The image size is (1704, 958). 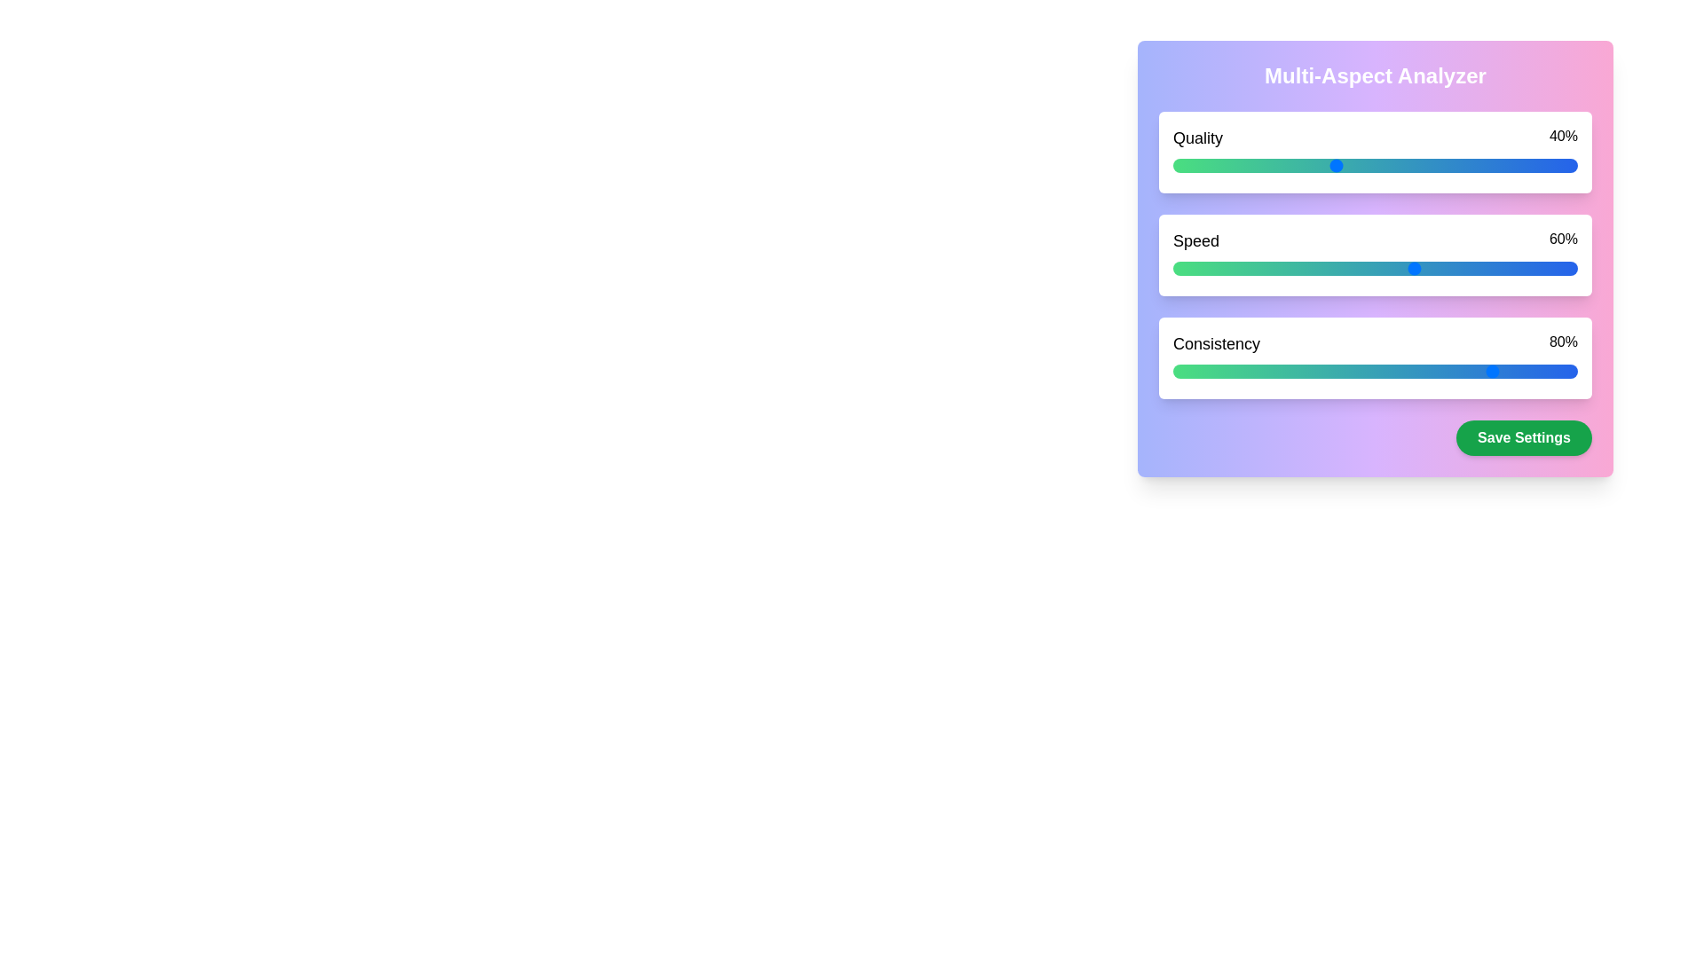 I want to click on the slider value, so click(x=1177, y=371).